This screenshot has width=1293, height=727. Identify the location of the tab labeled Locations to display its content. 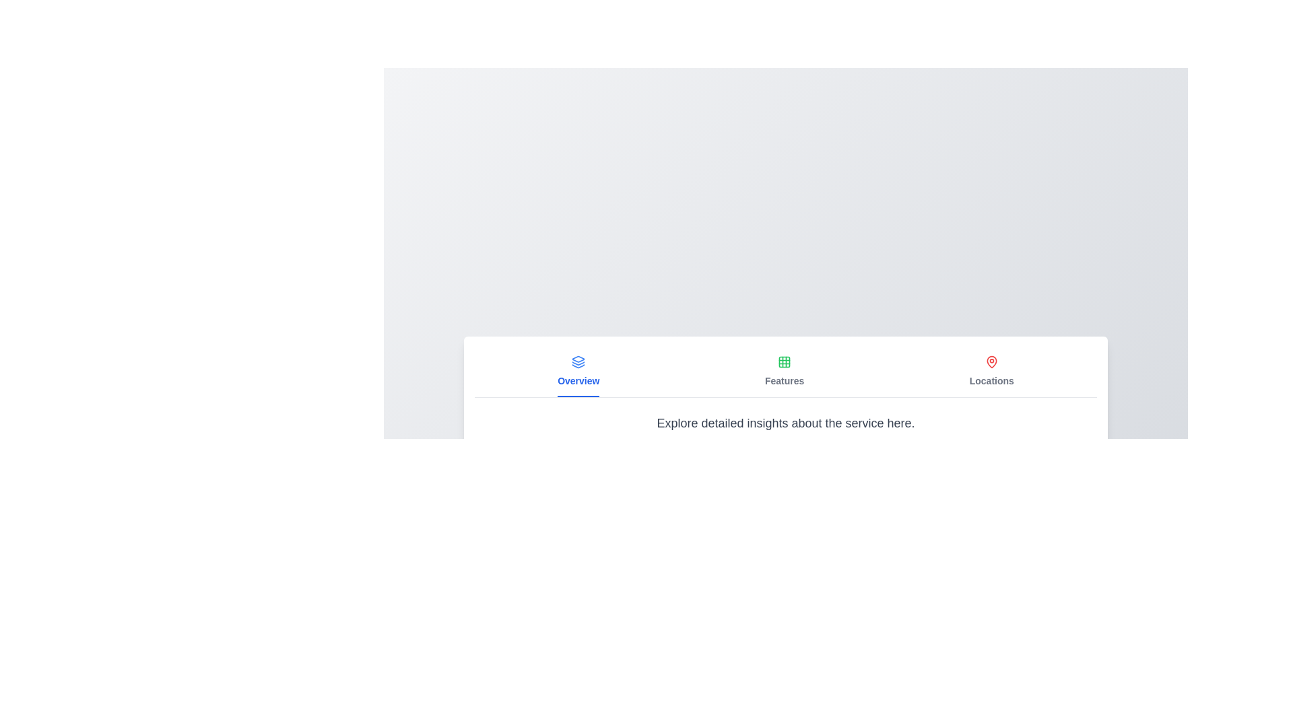
(991, 371).